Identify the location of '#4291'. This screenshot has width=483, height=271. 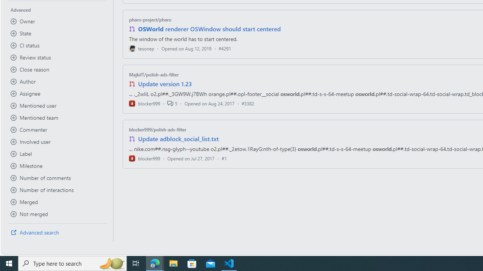
(224, 48).